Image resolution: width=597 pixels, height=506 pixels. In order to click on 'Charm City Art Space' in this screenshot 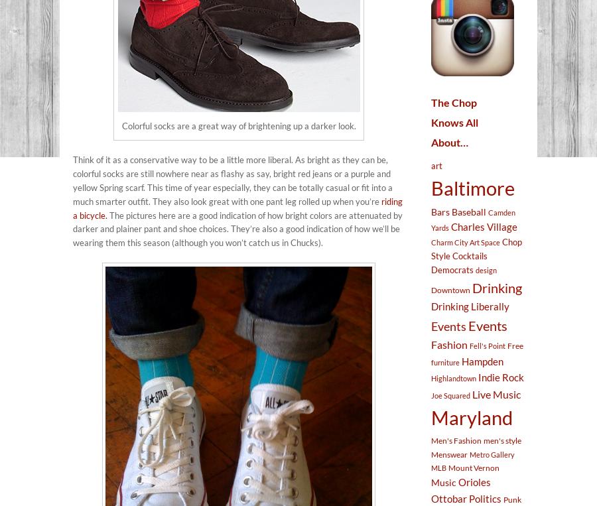, I will do `click(465, 241)`.